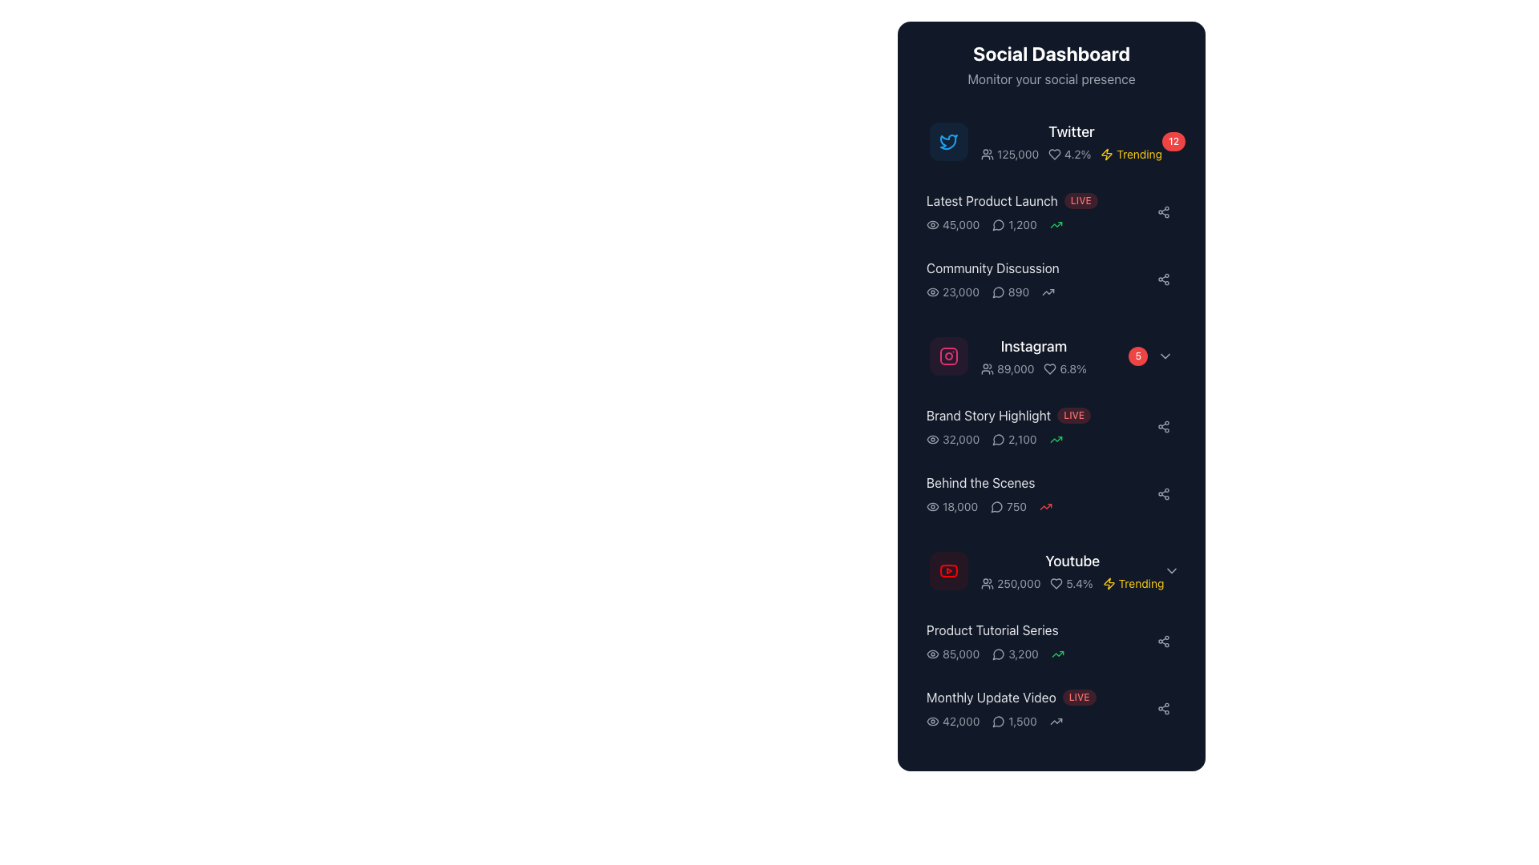 The image size is (1539, 865). Describe the element at coordinates (1039, 425) in the screenshot. I see `details of the social media post displayed in the static content block, which includes its title, status marked as LIVE, and engagement metrics such as views and comments` at that location.